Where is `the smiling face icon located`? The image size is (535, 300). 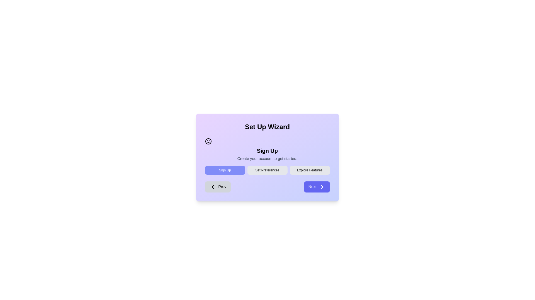
the smiling face icon located is located at coordinates (208, 141).